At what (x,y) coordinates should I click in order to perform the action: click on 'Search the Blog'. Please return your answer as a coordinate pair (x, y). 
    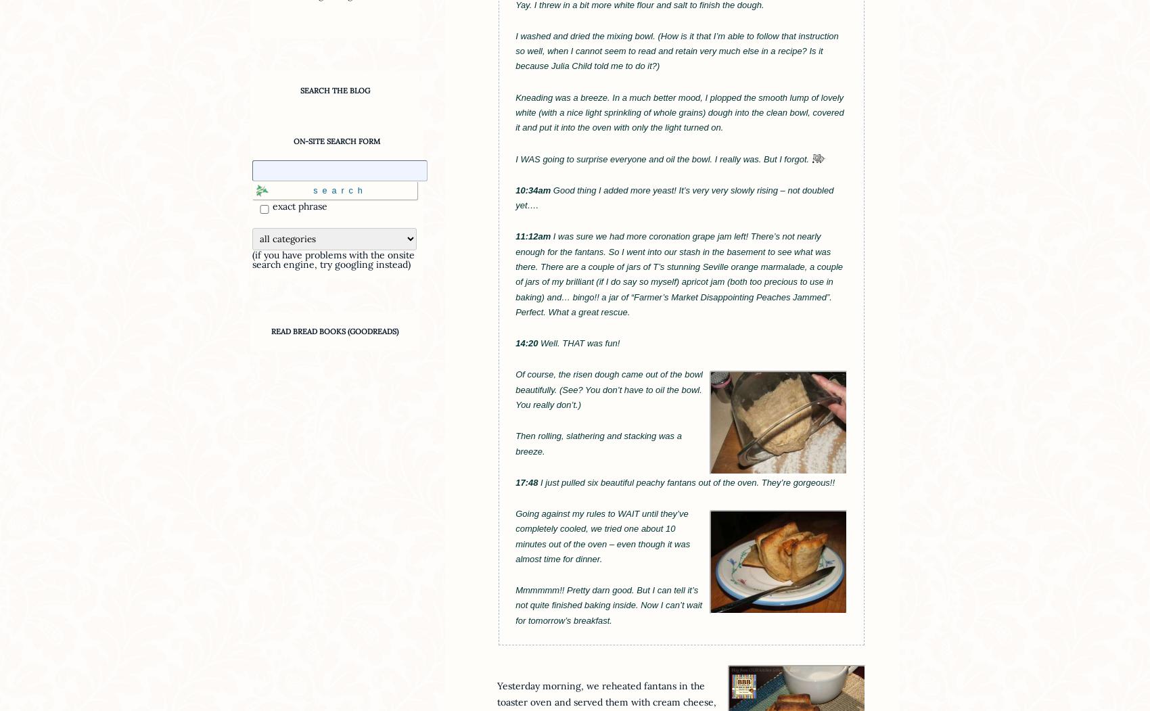
    Looking at the image, I should click on (334, 89).